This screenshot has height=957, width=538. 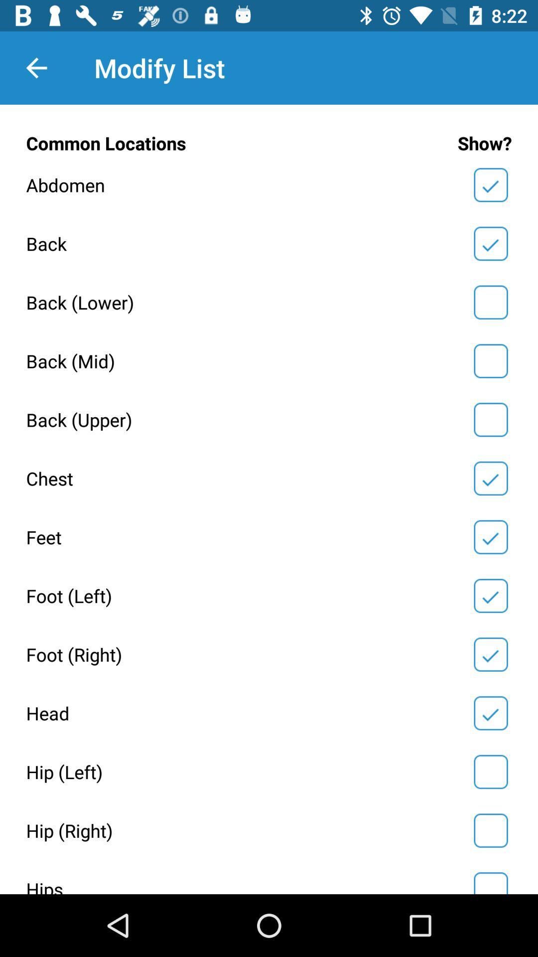 What do you see at coordinates (490, 302) in the screenshot?
I see `show option` at bounding box center [490, 302].